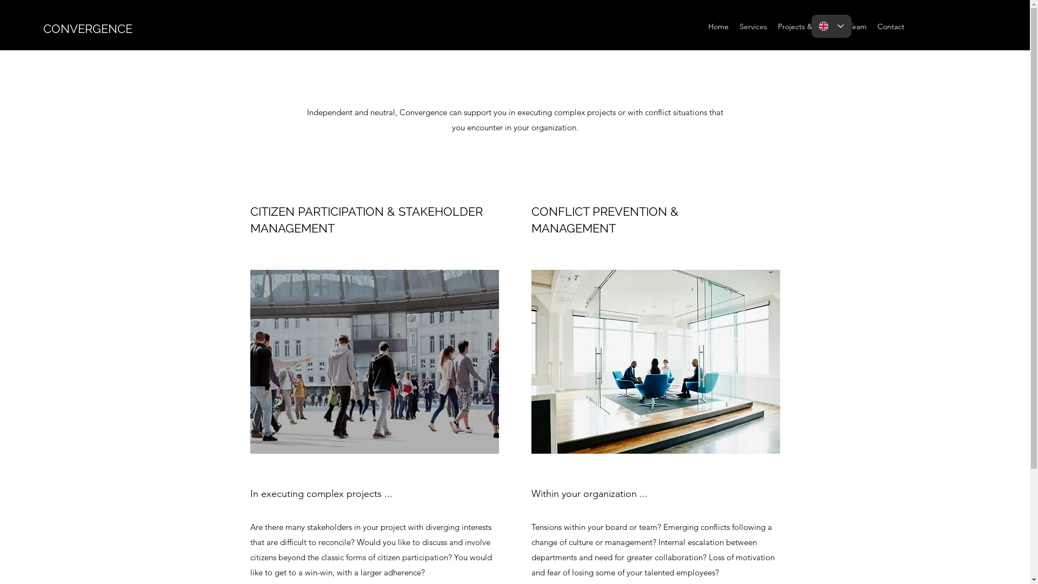 Image resolution: width=1038 pixels, height=584 pixels. Describe the element at coordinates (88, 28) in the screenshot. I see `'CONVERGENCE'` at that location.